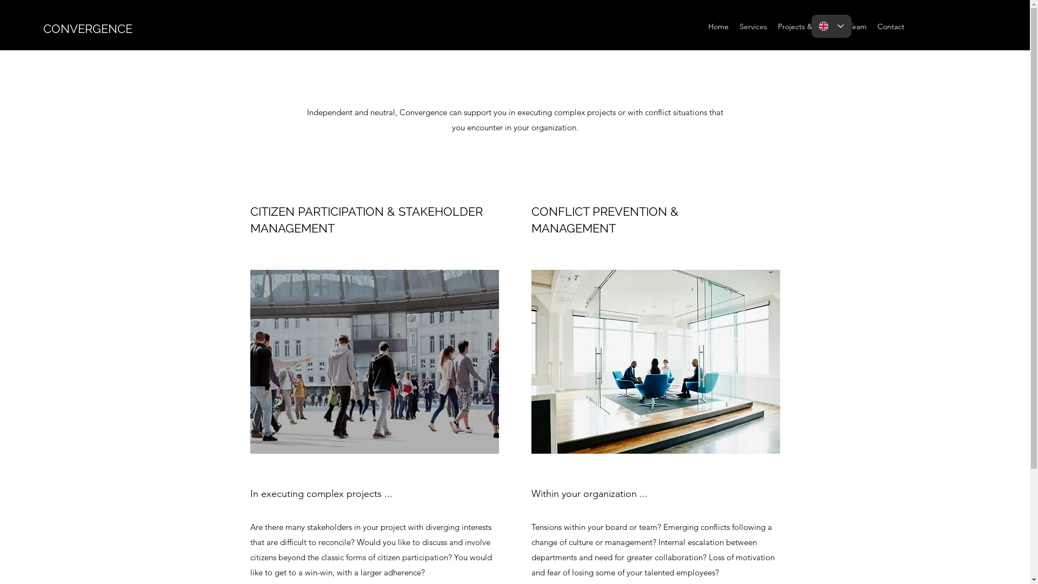 Image resolution: width=1038 pixels, height=584 pixels. Describe the element at coordinates (88, 28) in the screenshot. I see `'CONVERGENCE'` at that location.